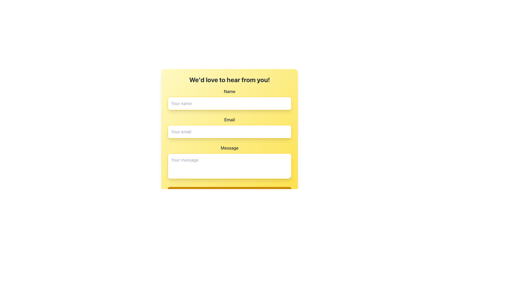  Describe the element at coordinates (229, 193) in the screenshot. I see `the submission button located at the bottom of the user input form to observe a visual change` at that location.